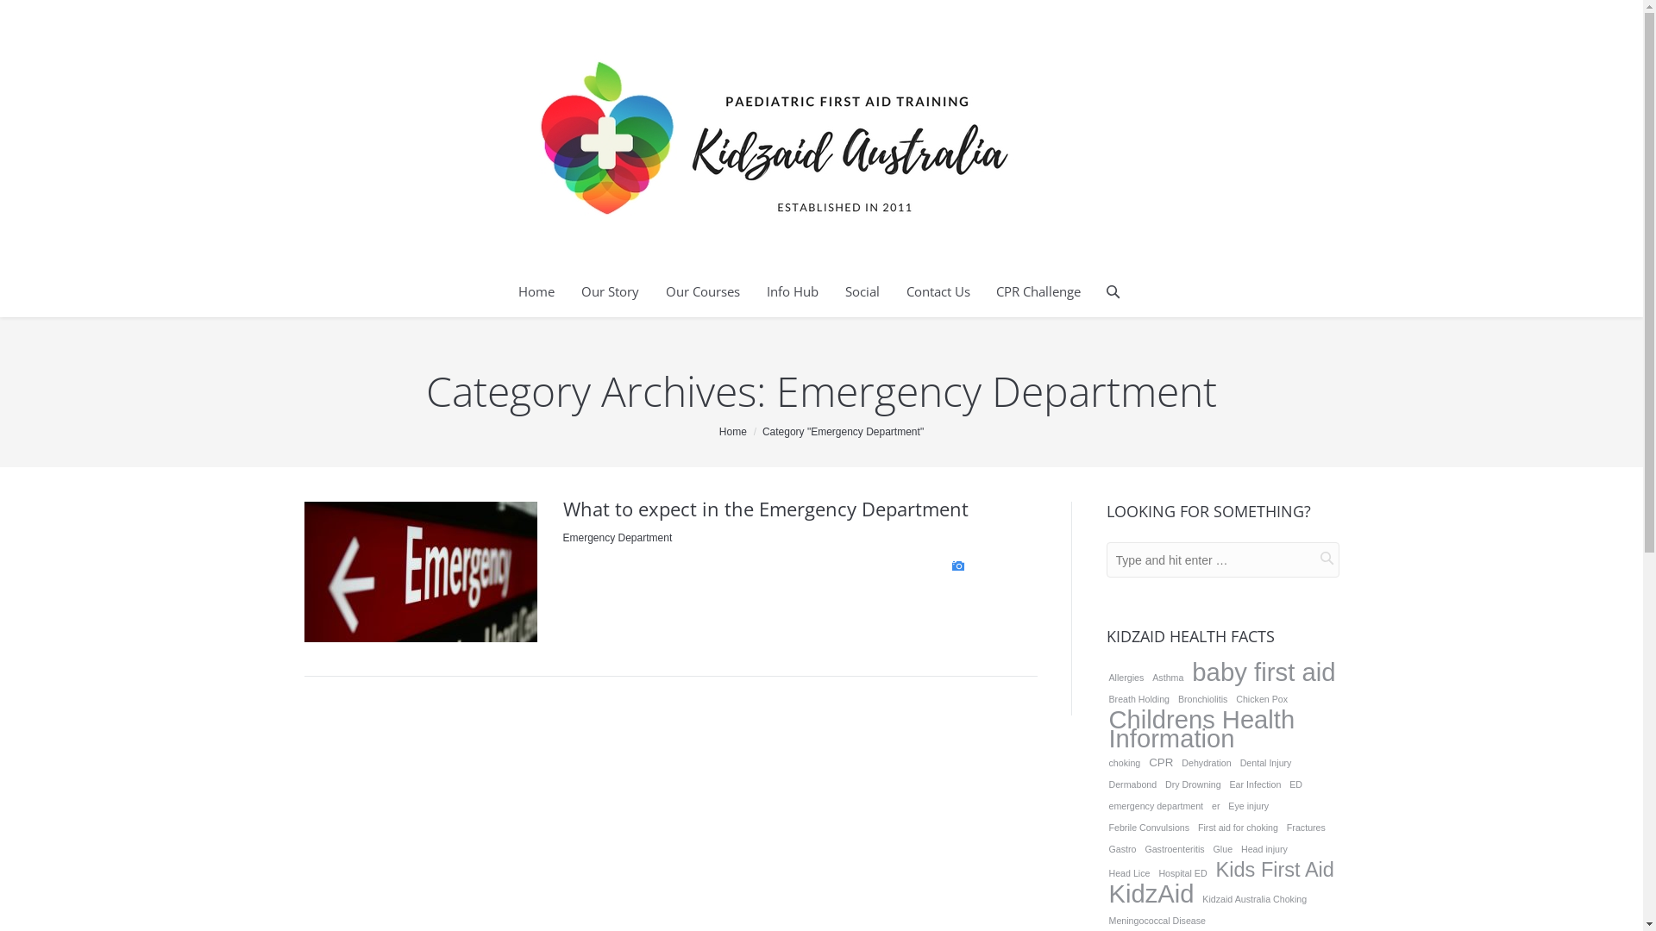 This screenshot has height=931, width=1656. What do you see at coordinates (844, 291) in the screenshot?
I see `'Social'` at bounding box center [844, 291].